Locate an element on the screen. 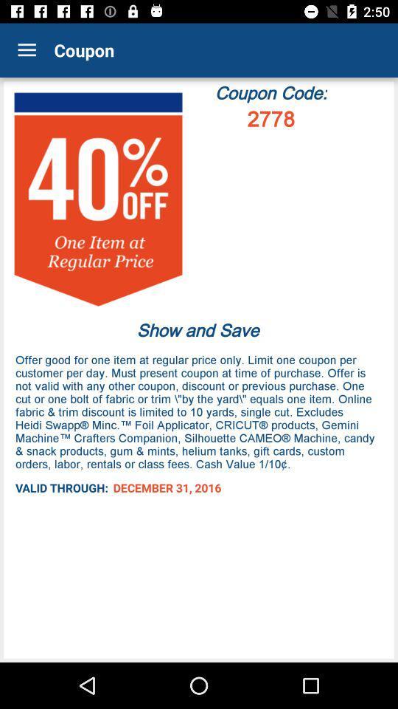 The height and width of the screenshot is (709, 398). icon next to the coupon item is located at coordinates (27, 50).